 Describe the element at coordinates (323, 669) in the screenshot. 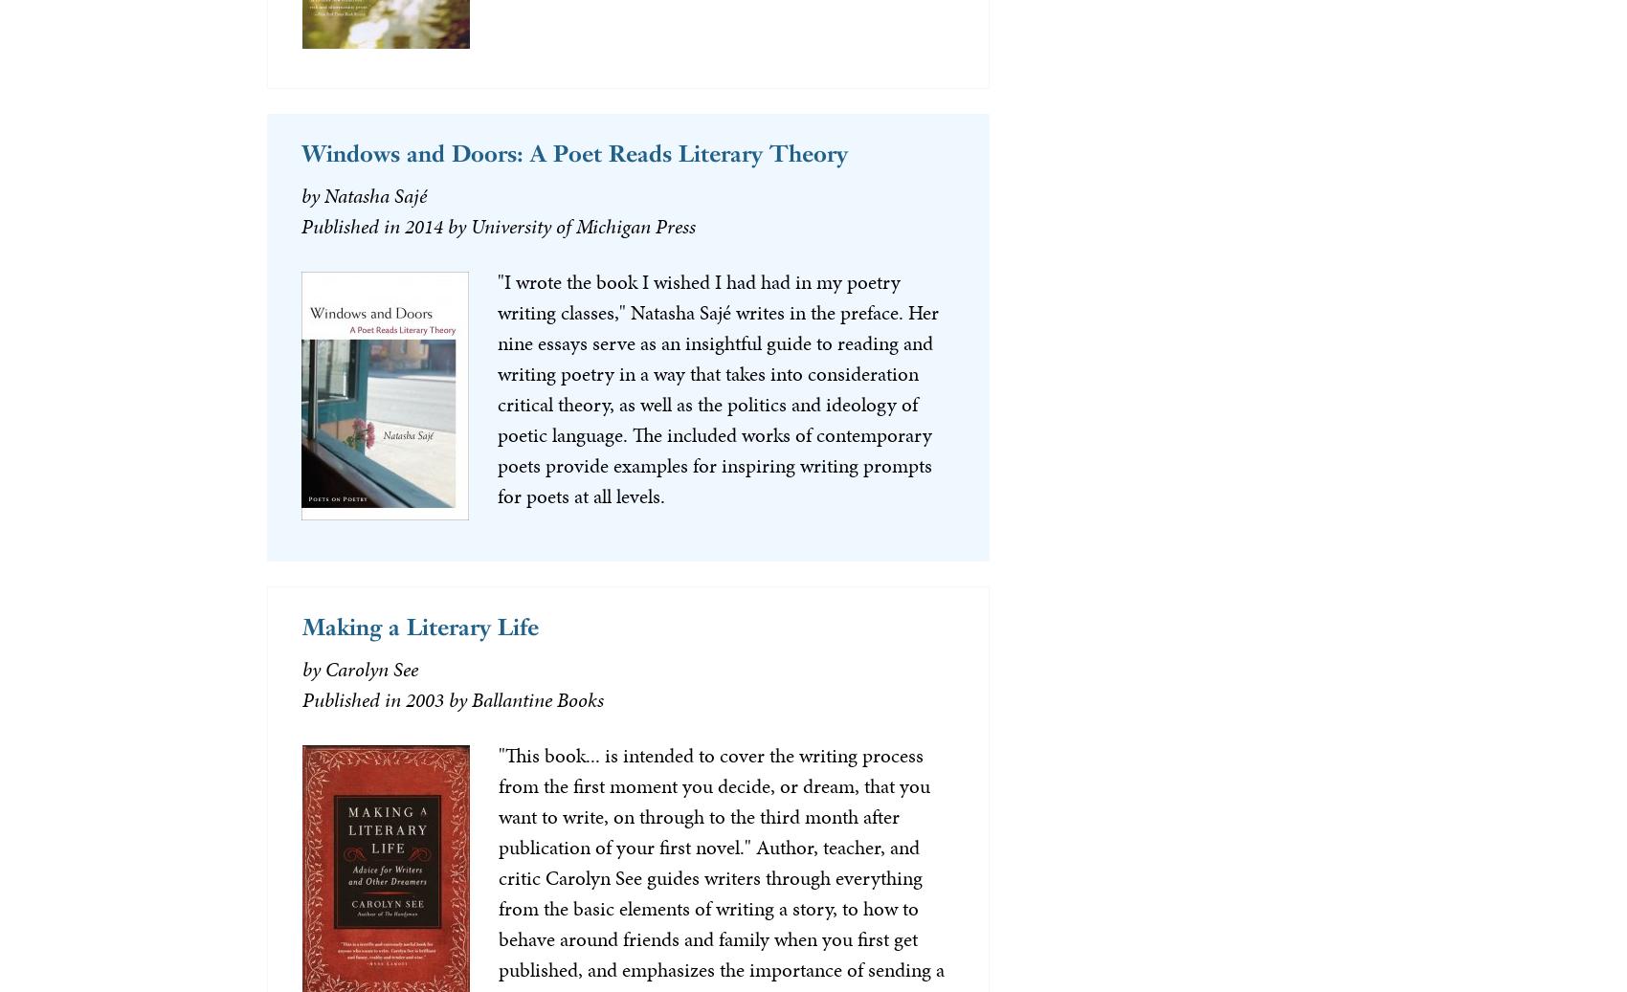

I see `'Carolyn See'` at that location.